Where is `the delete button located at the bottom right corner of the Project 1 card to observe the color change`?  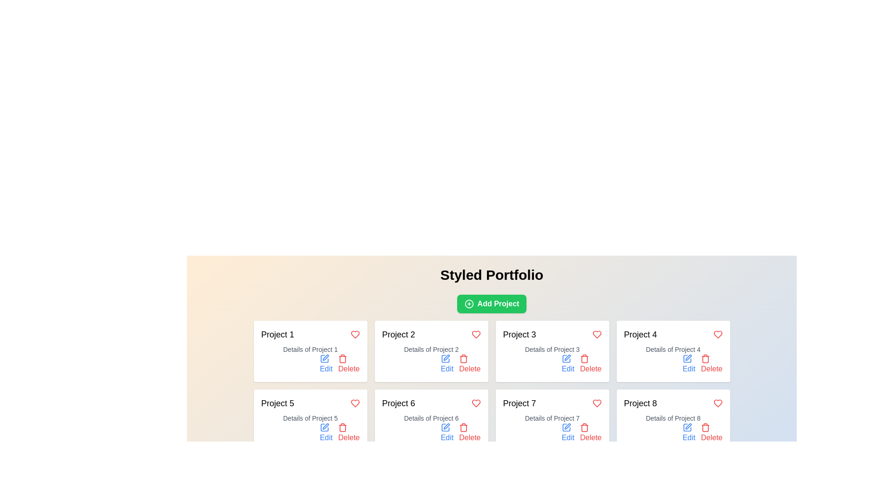
the delete button located at the bottom right corner of the Project 1 card to observe the color change is located at coordinates (348, 363).